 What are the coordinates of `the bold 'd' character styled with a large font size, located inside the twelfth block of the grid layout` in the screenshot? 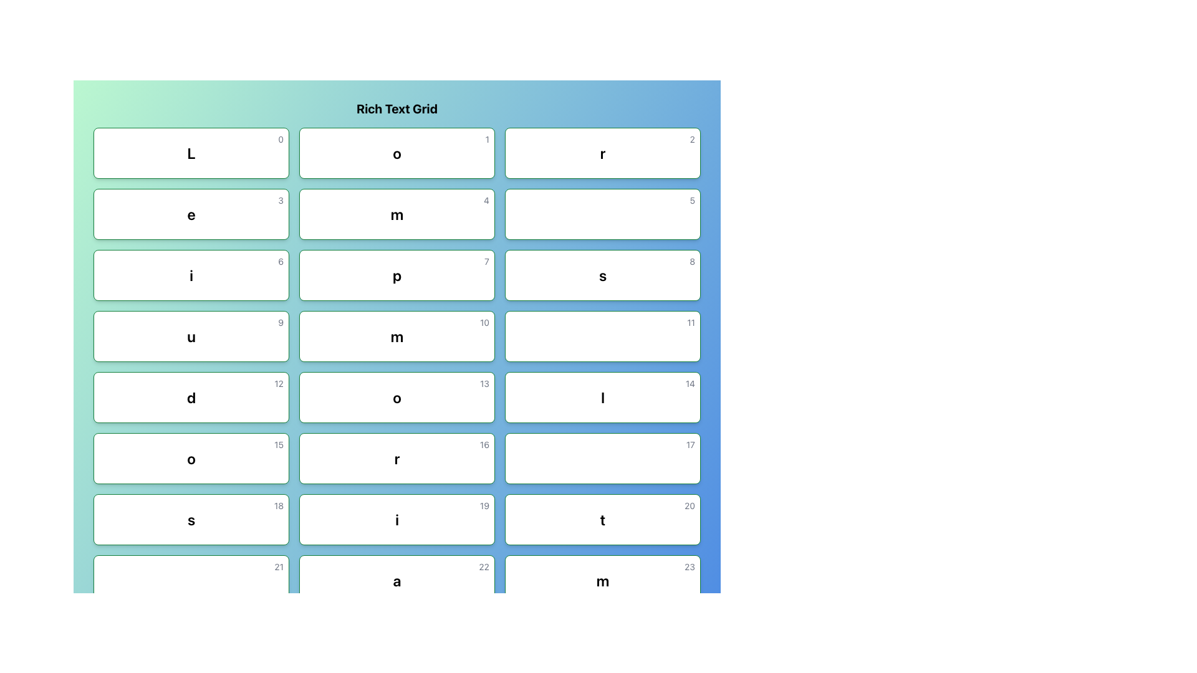 It's located at (191, 397).